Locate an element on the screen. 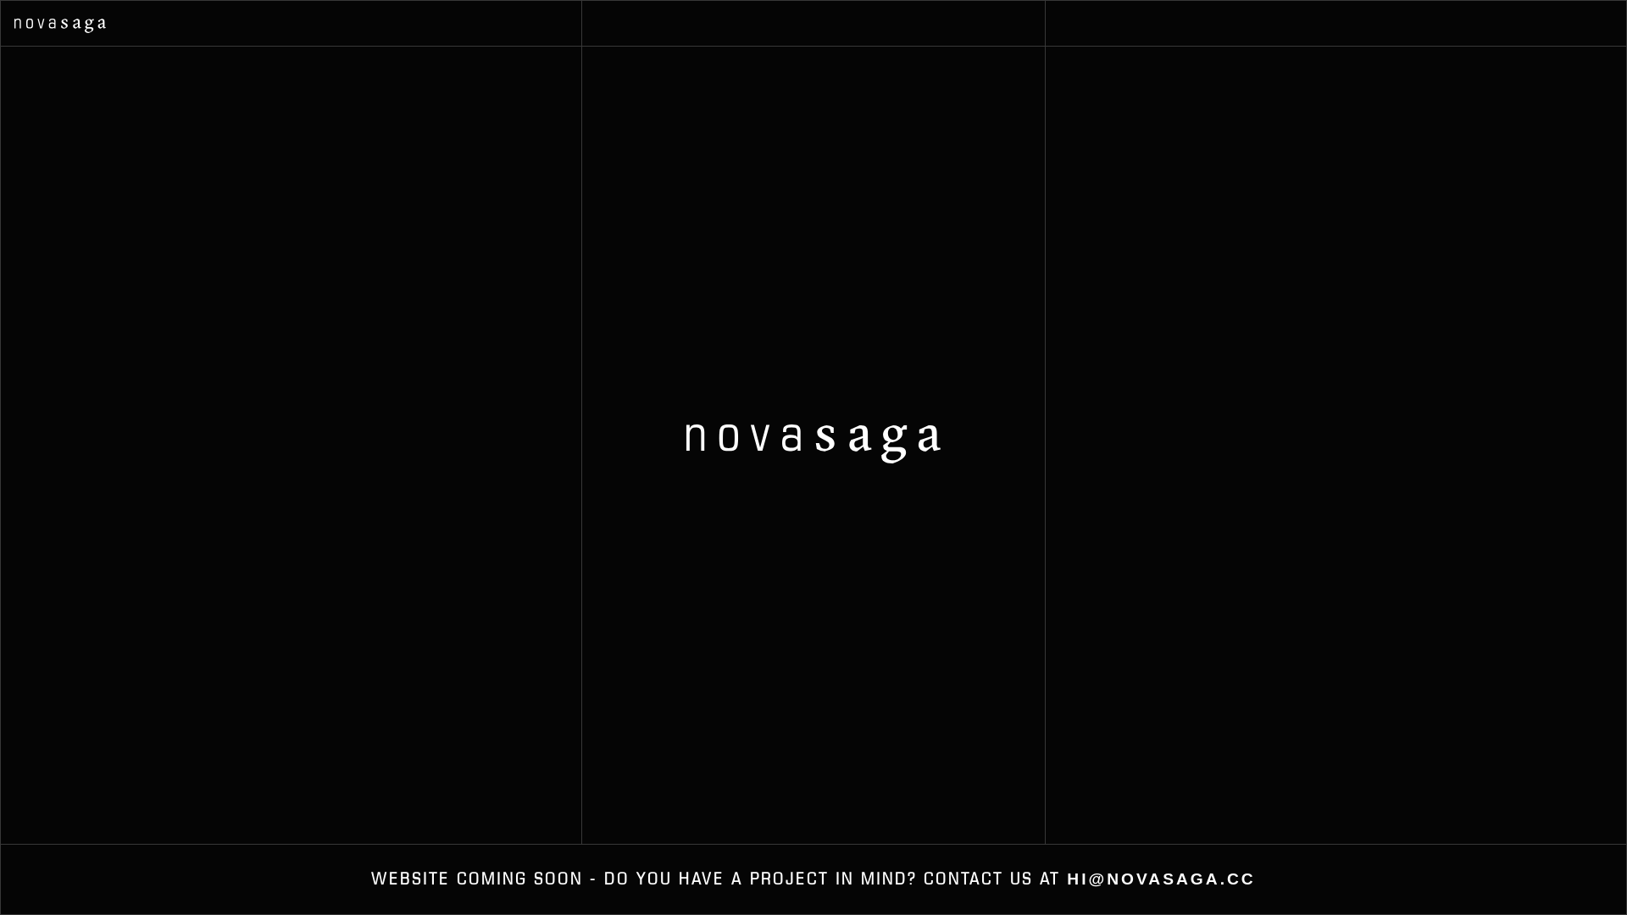  'HI@NOVASAGA.CC' is located at coordinates (1159, 878).